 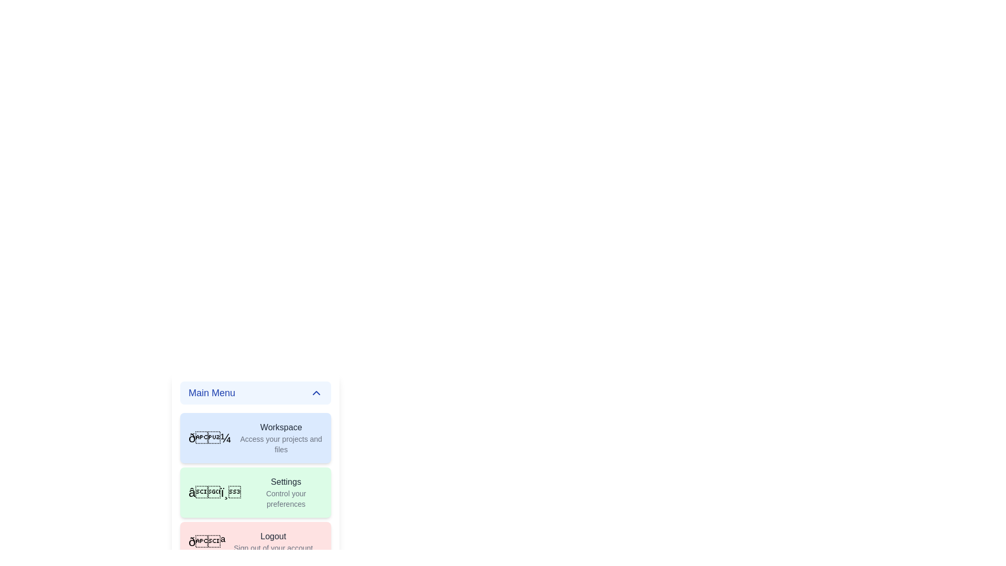 I want to click on the descriptive text label located beneath the 'Logout' action in the lower-left quadrant of the interface, so click(x=273, y=547).